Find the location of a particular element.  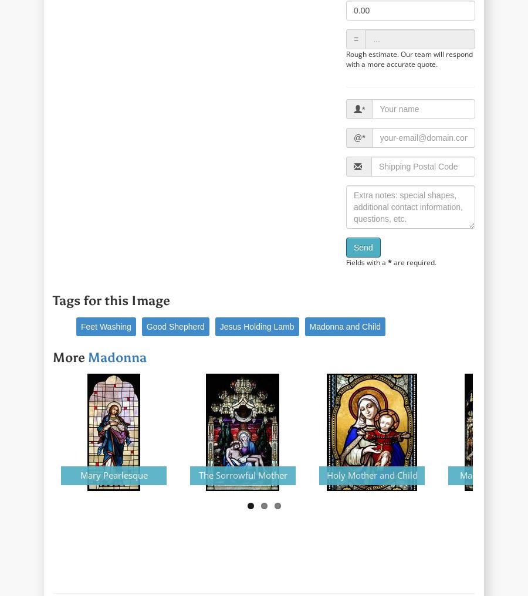

'@*' is located at coordinates (359, 138).